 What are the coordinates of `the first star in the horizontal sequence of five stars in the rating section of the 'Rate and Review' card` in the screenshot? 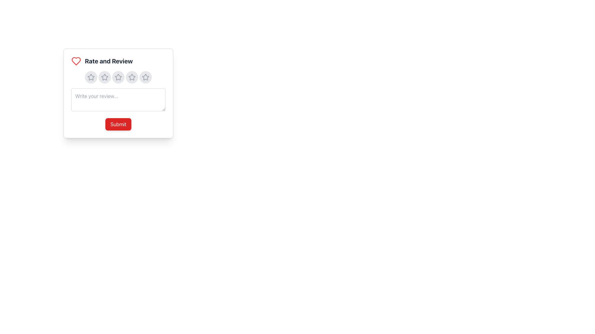 It's located at (90, 77).